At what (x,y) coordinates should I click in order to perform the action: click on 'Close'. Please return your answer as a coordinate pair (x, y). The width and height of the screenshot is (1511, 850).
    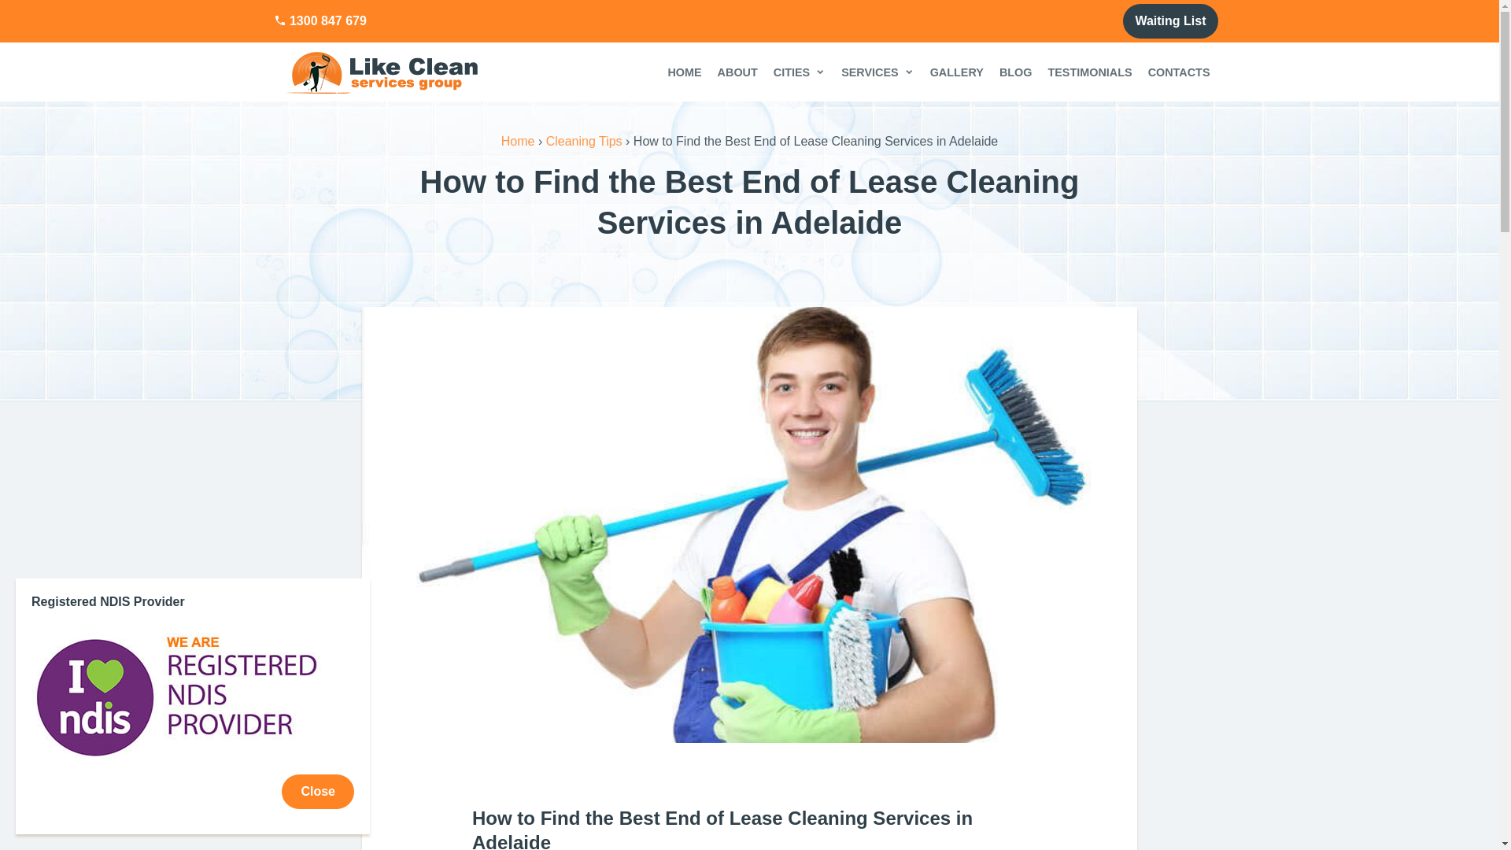
    Looking at the image, I should click on (316, 792).